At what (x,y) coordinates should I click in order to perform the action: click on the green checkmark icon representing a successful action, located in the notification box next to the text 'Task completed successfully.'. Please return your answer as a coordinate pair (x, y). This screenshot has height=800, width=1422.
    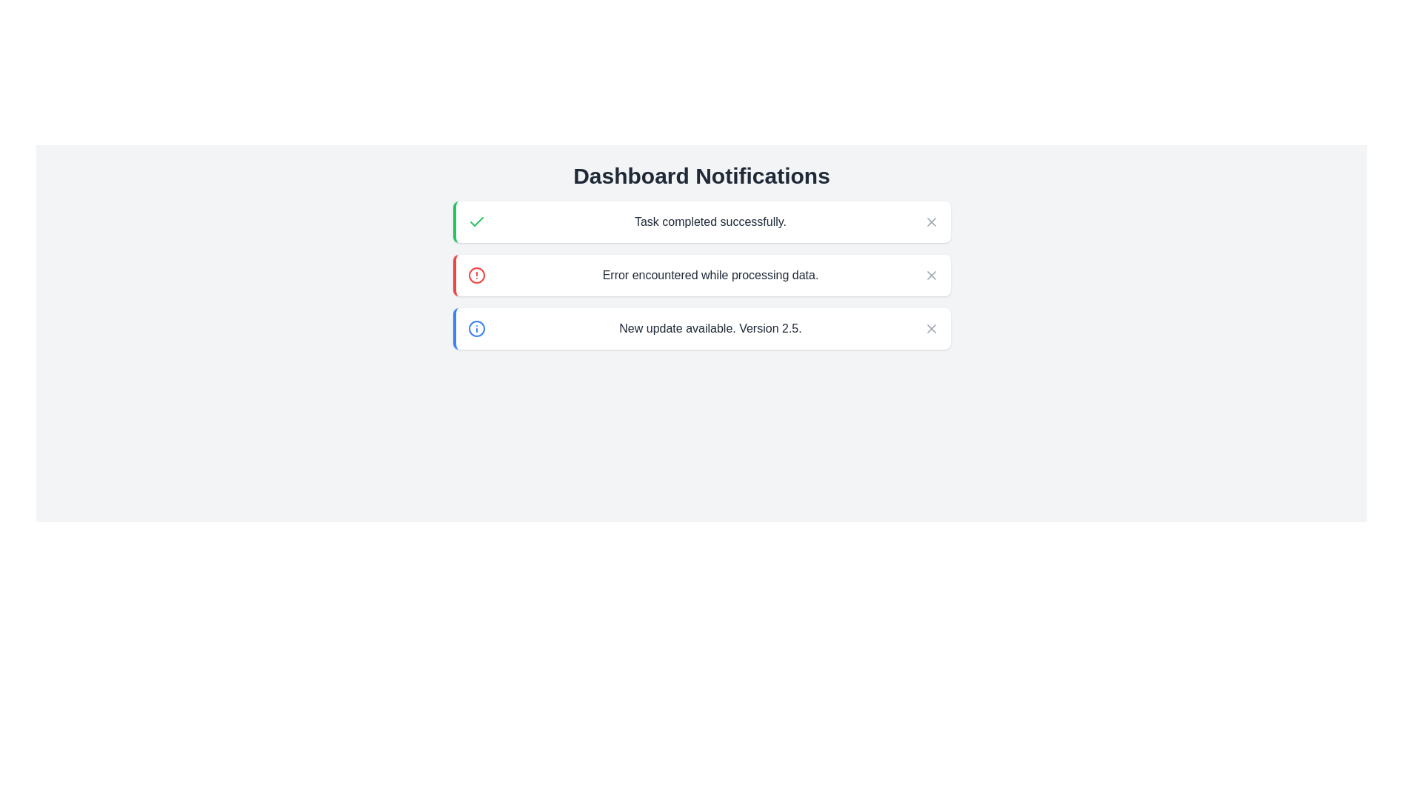
    Looking at the image, I should click on (476, 222).